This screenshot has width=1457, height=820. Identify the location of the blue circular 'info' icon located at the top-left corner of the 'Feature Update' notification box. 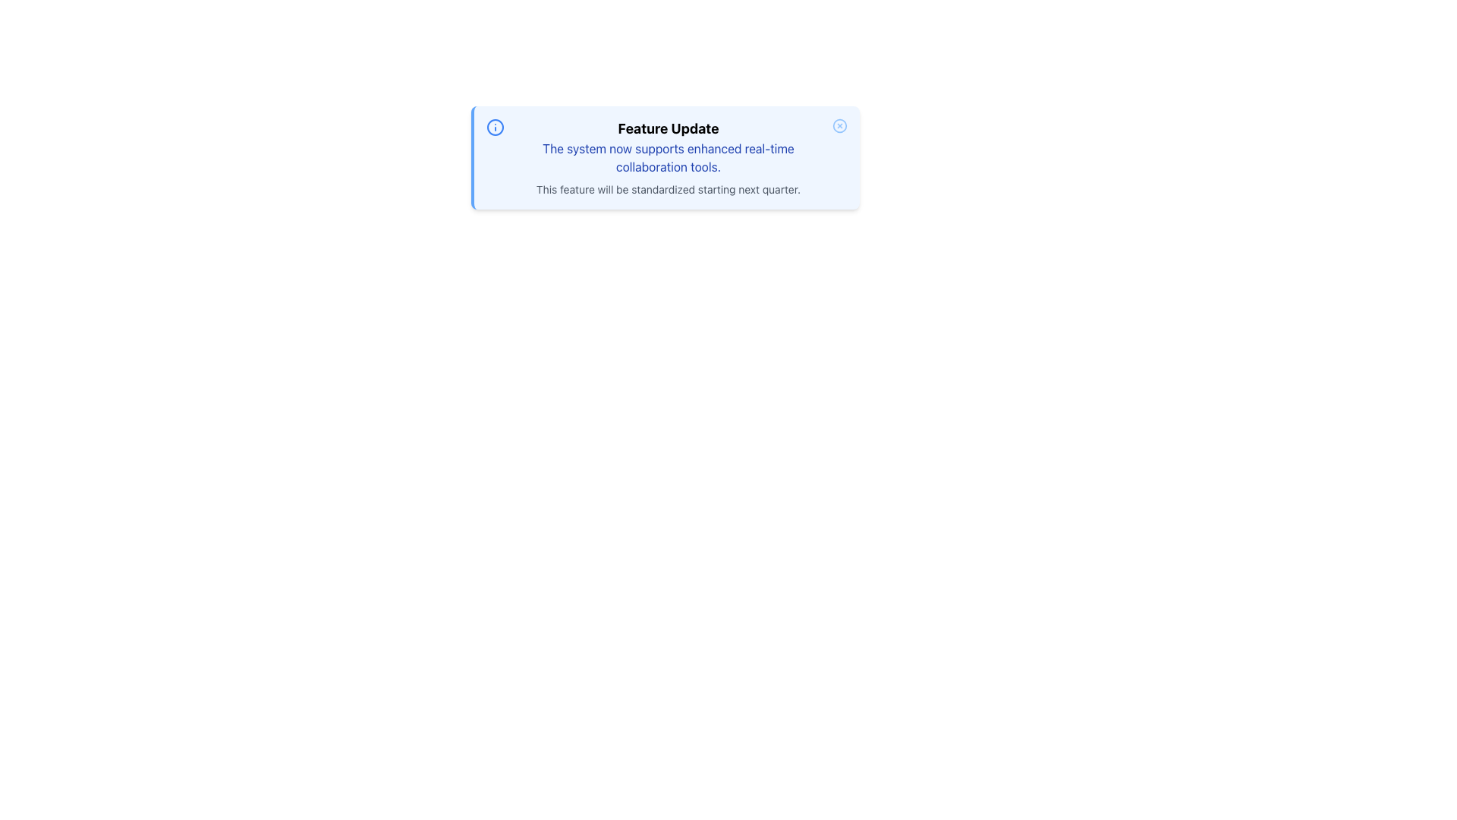
(495, 127).